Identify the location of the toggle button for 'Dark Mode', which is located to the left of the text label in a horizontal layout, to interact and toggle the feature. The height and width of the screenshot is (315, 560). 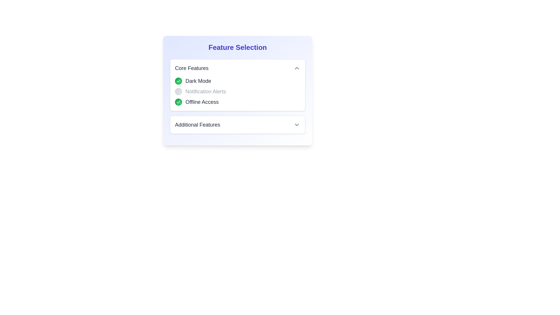
(178, 81).